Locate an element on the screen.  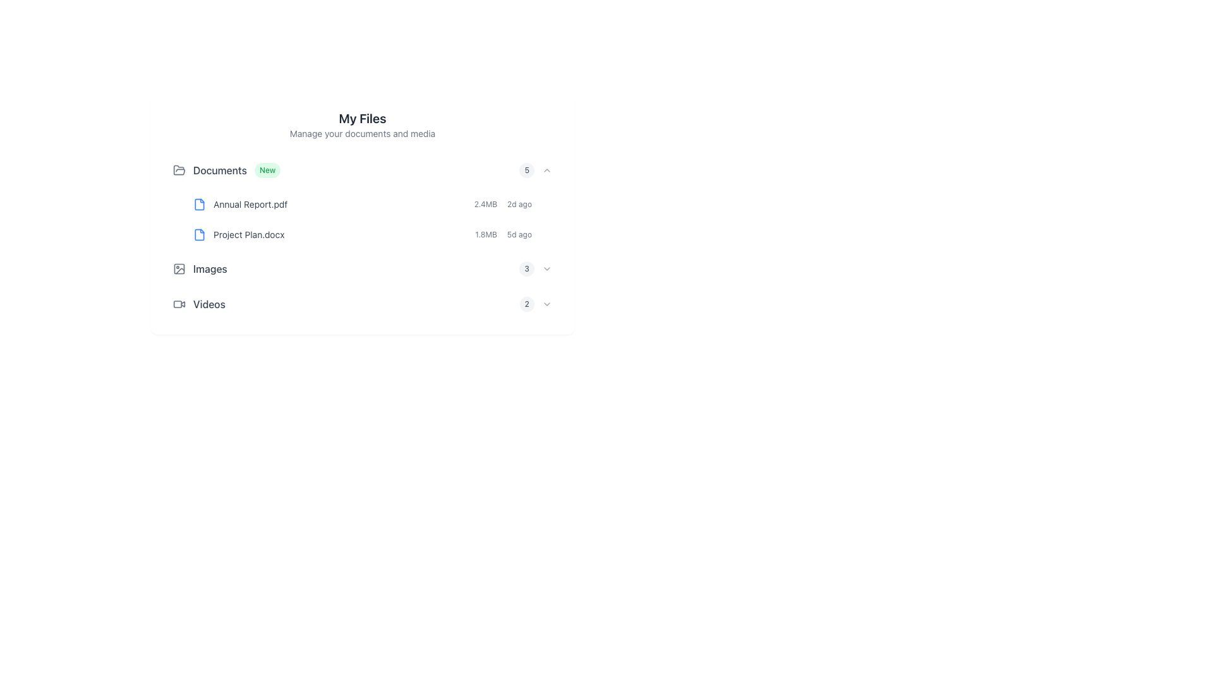
the square icon with rounded corners located under the 'Images' label in the file directory interface is located at coordinates (178, 268).